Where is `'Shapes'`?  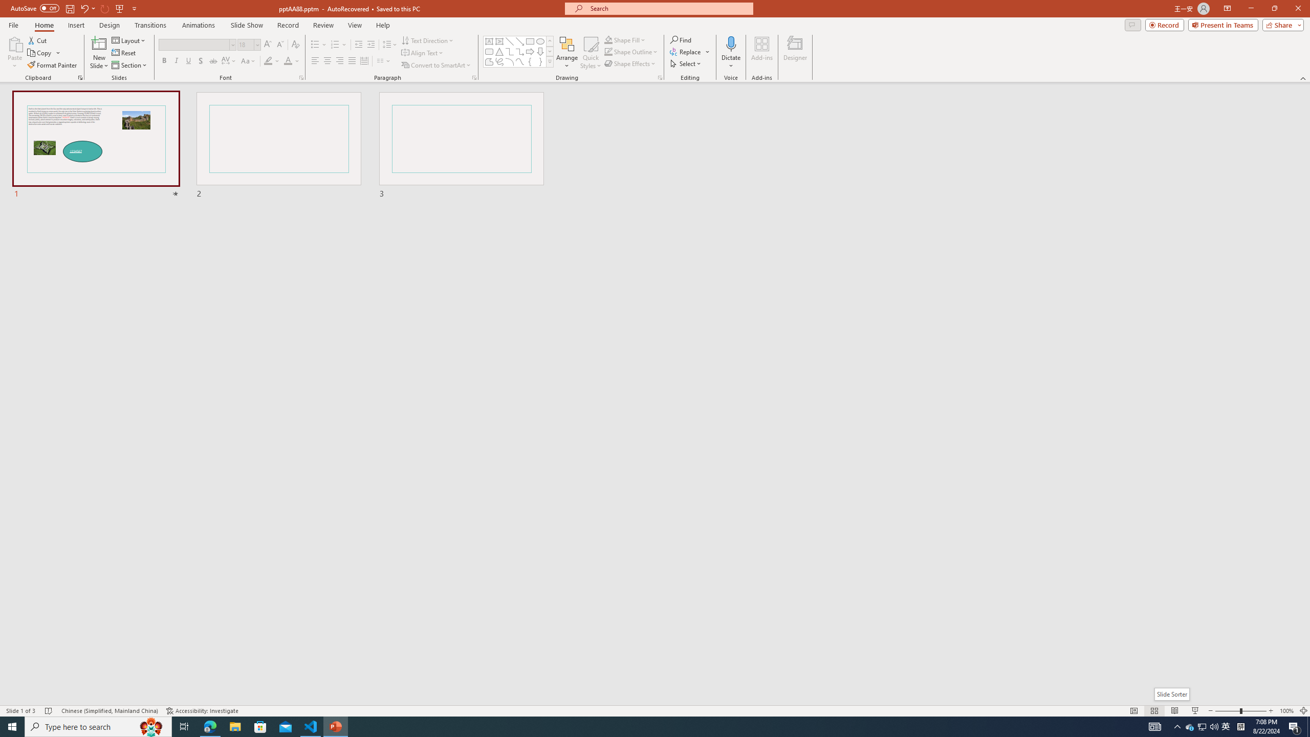
'Shapes' is located at coordinates (550, 61).